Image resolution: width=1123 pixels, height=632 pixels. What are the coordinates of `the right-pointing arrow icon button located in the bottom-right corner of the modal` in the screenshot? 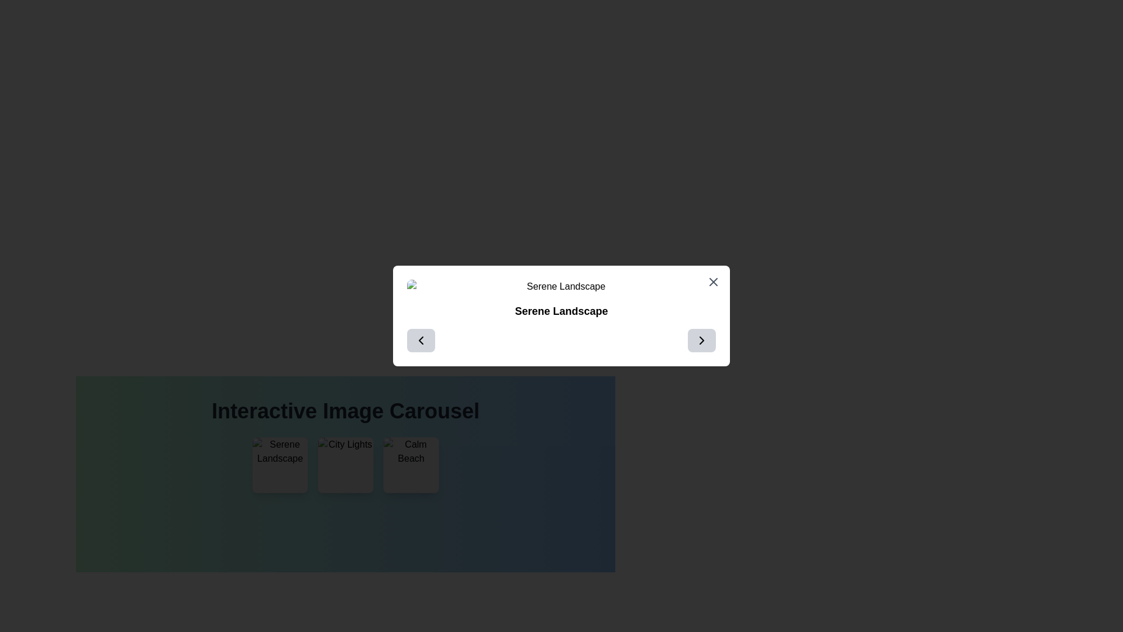 It's located at (702, 341).